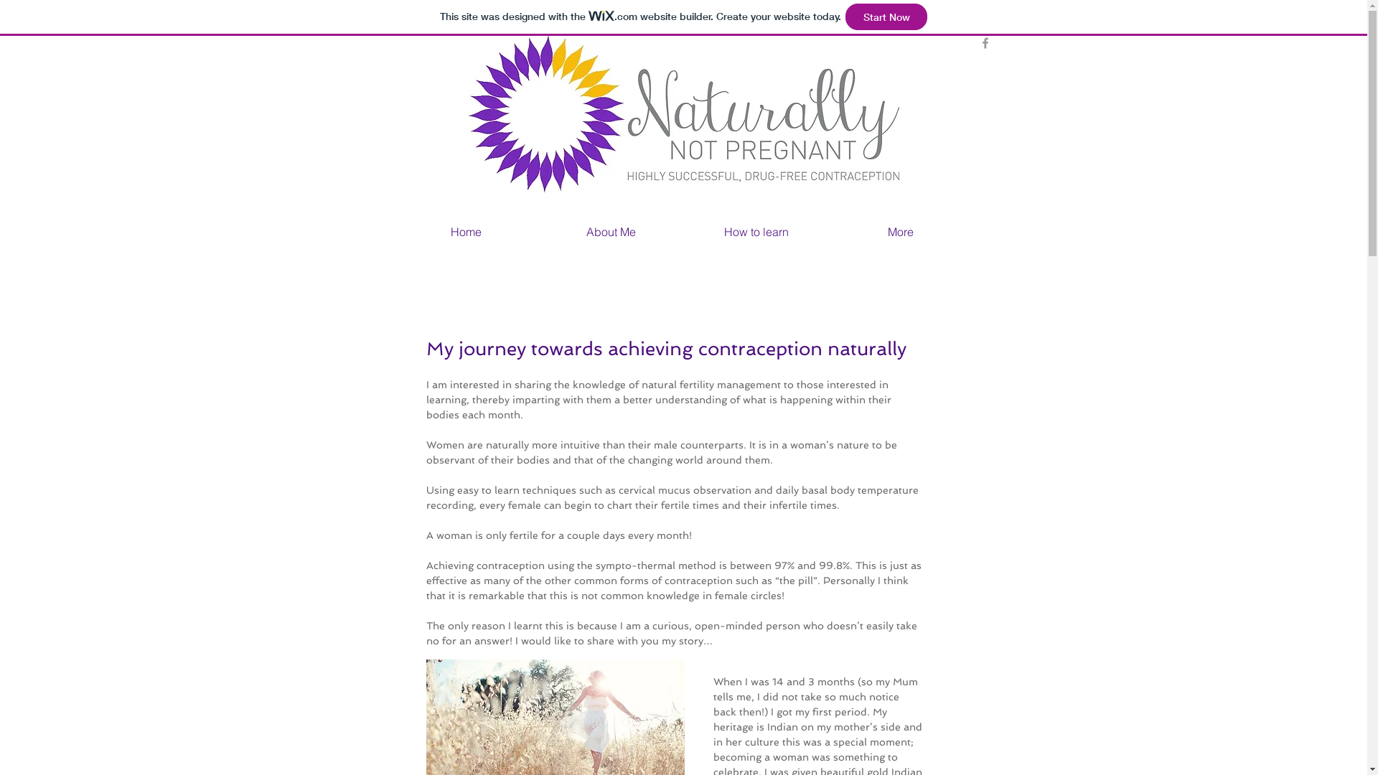 This screenshot has width=1378, height=775. I want to click on 'How to learn', so click(682, 230).